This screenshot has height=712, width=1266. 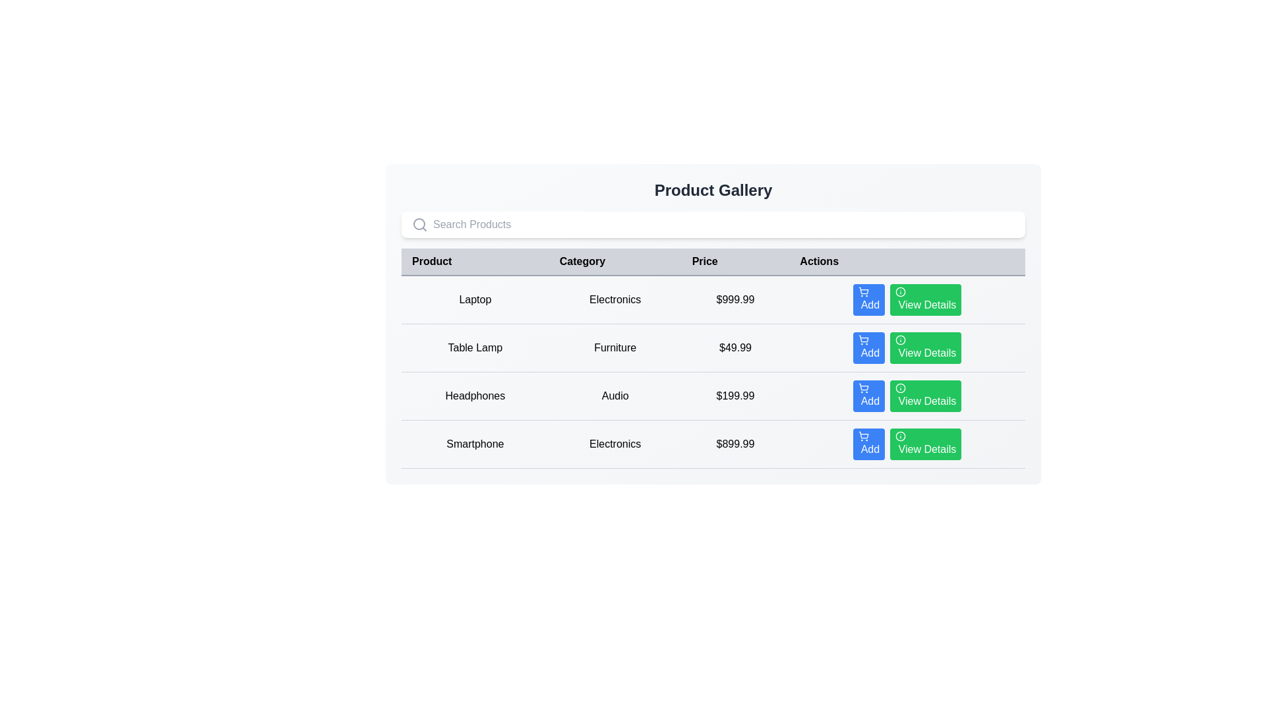 I want to click on the green rectangular button labeled 'View Details' located in the last row of the product details table, so click(x=907, y=444).